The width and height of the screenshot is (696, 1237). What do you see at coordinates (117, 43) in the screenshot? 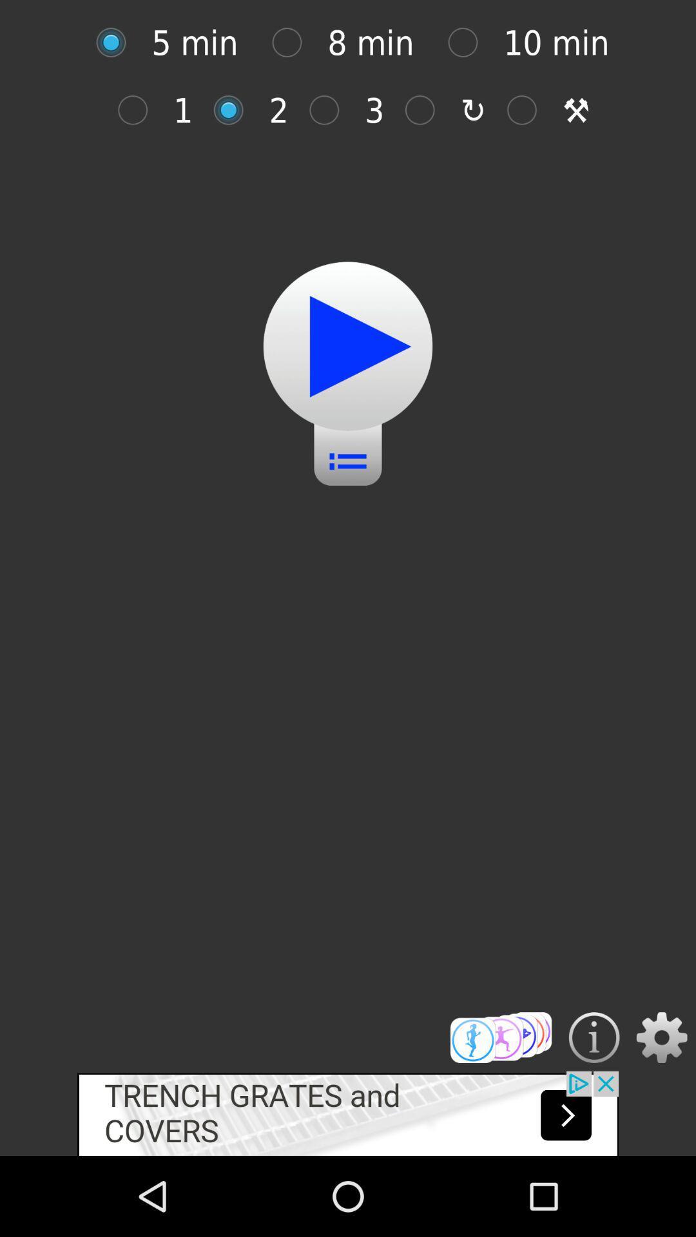
I see `play` at bounding box center [117, 43].